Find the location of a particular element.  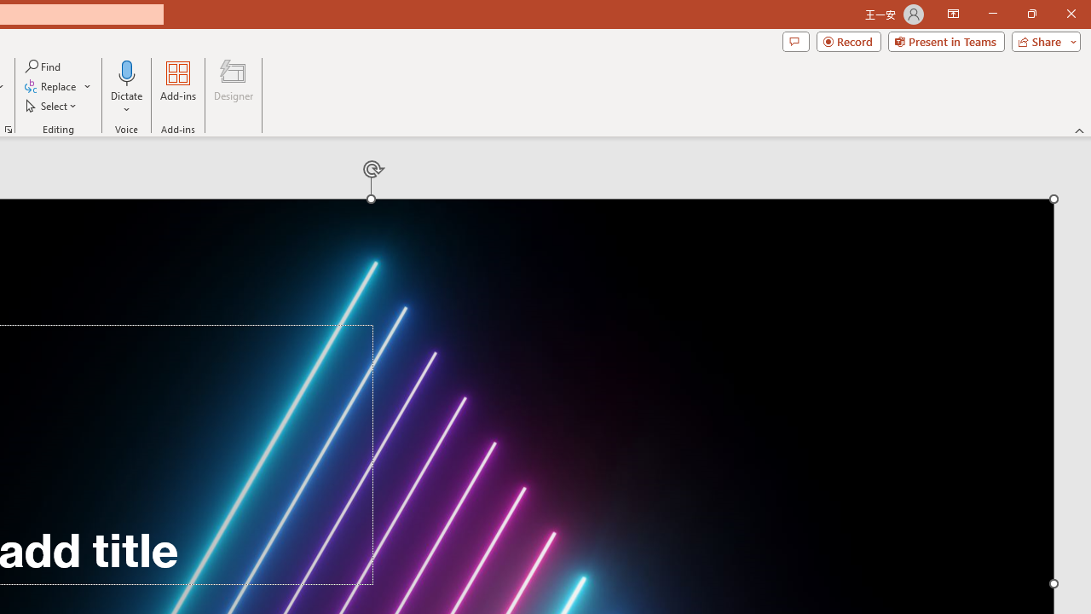

'Find...' is located at coordinates (43, 66).